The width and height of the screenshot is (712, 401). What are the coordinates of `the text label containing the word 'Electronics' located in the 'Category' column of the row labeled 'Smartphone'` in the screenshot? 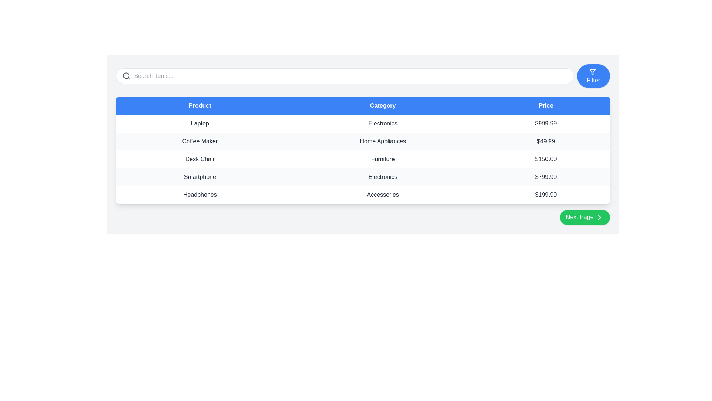 It's located at (383, 177).